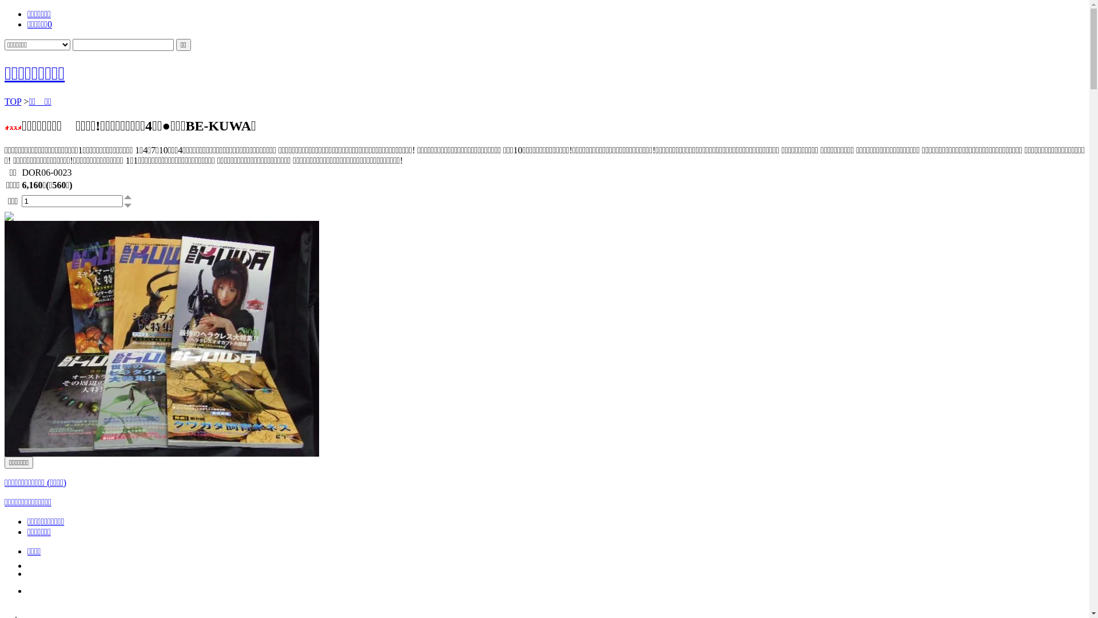 This screenshot has width=1098, height=618. Describe the element at coordinates (5, 101) in the screenshot. I see `'TOP'` at that location.